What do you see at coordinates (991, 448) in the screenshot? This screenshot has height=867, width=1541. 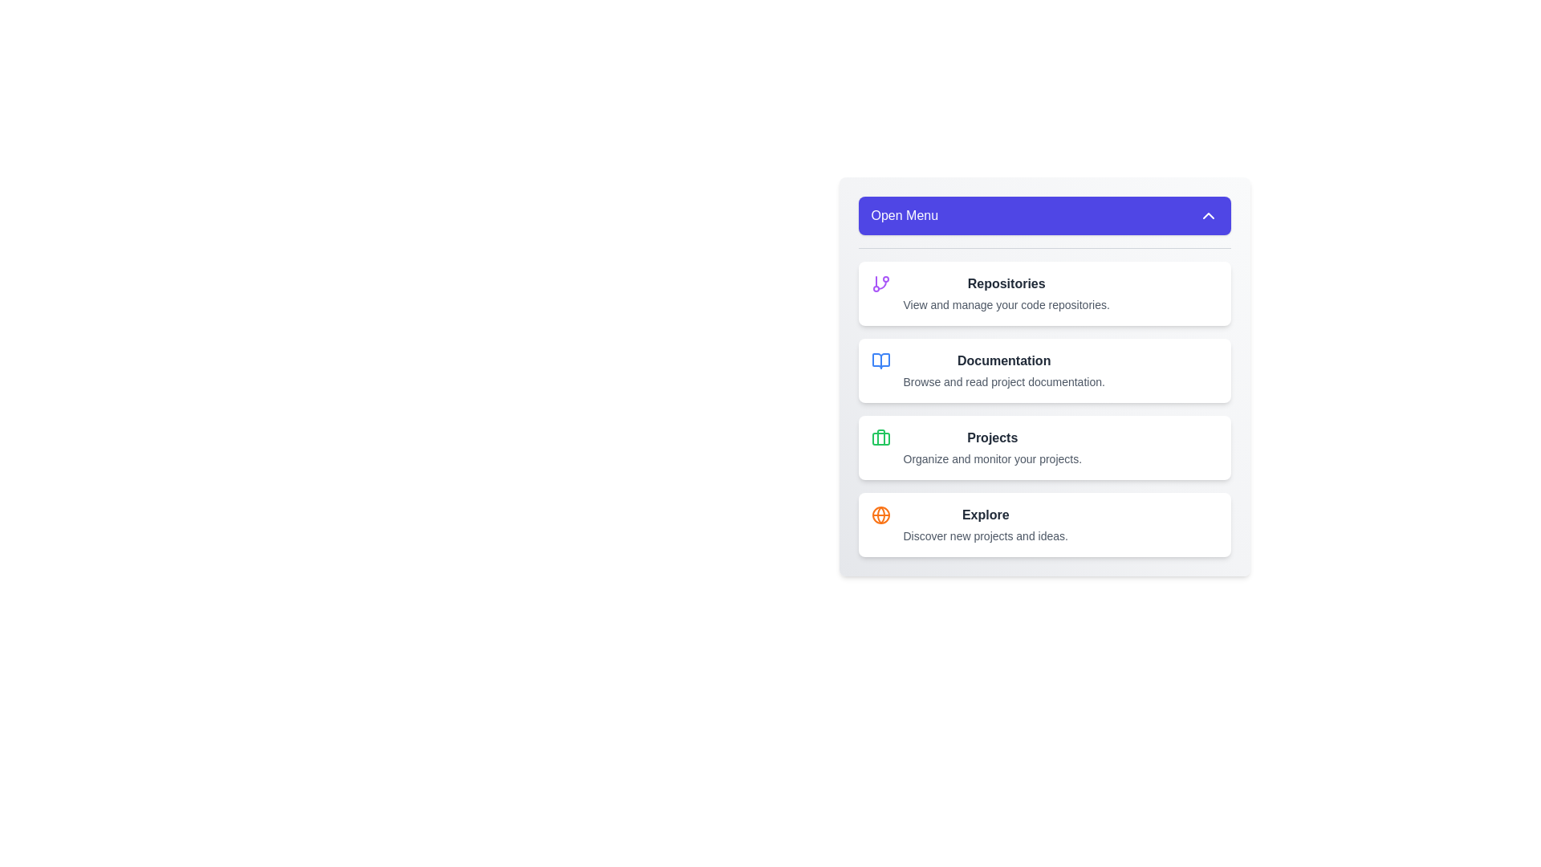 I see `the 'Projects' menu item, which includes a bold title and a short description, positioned as the third entry in a vertical stack of cards` at bounding box center [991, 448].